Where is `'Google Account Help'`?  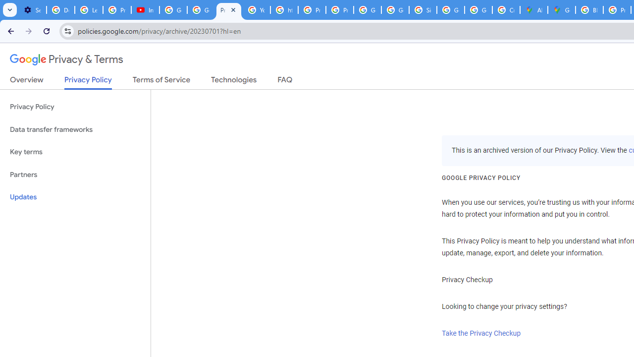 'Google Account Help' is located at coordinates (200, 10).